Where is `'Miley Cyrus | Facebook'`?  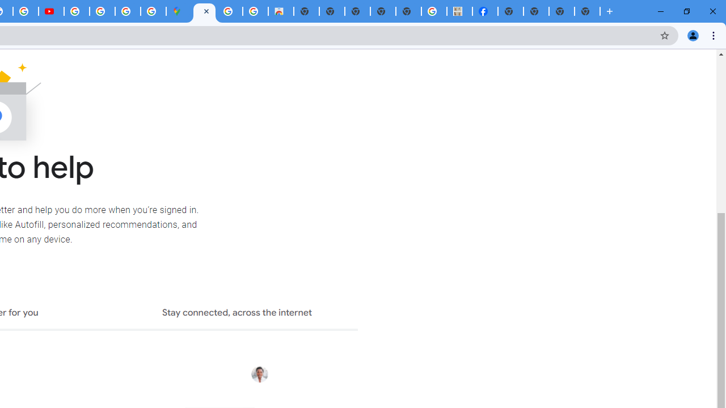 'Miley Cyrus | Facebook' is located at coordinates (485, 11).